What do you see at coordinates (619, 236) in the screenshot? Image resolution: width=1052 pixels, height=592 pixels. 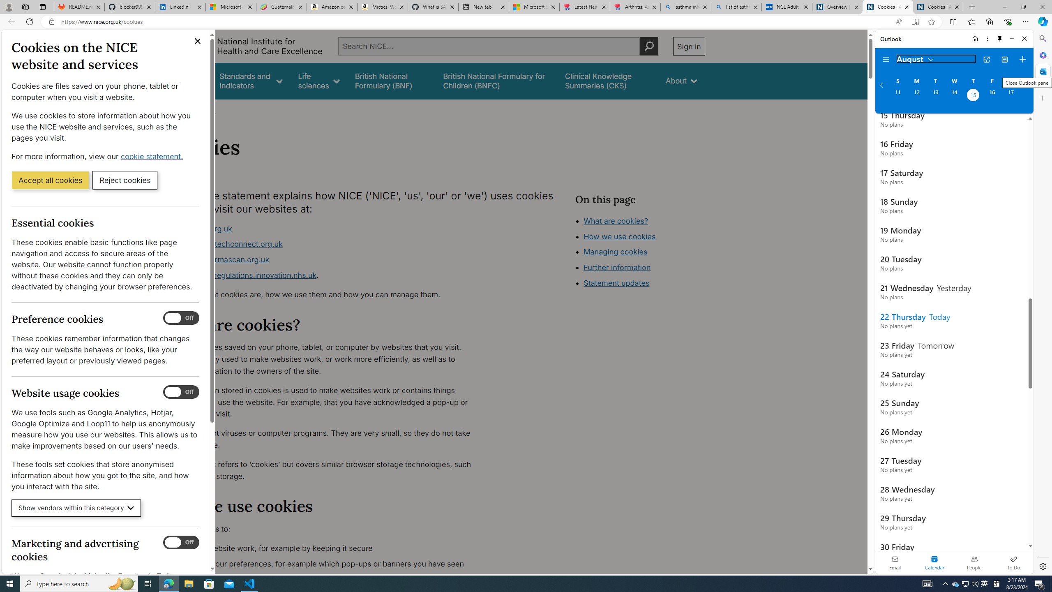 I see `'How we use cookies'` at bounding box center [619, 236].